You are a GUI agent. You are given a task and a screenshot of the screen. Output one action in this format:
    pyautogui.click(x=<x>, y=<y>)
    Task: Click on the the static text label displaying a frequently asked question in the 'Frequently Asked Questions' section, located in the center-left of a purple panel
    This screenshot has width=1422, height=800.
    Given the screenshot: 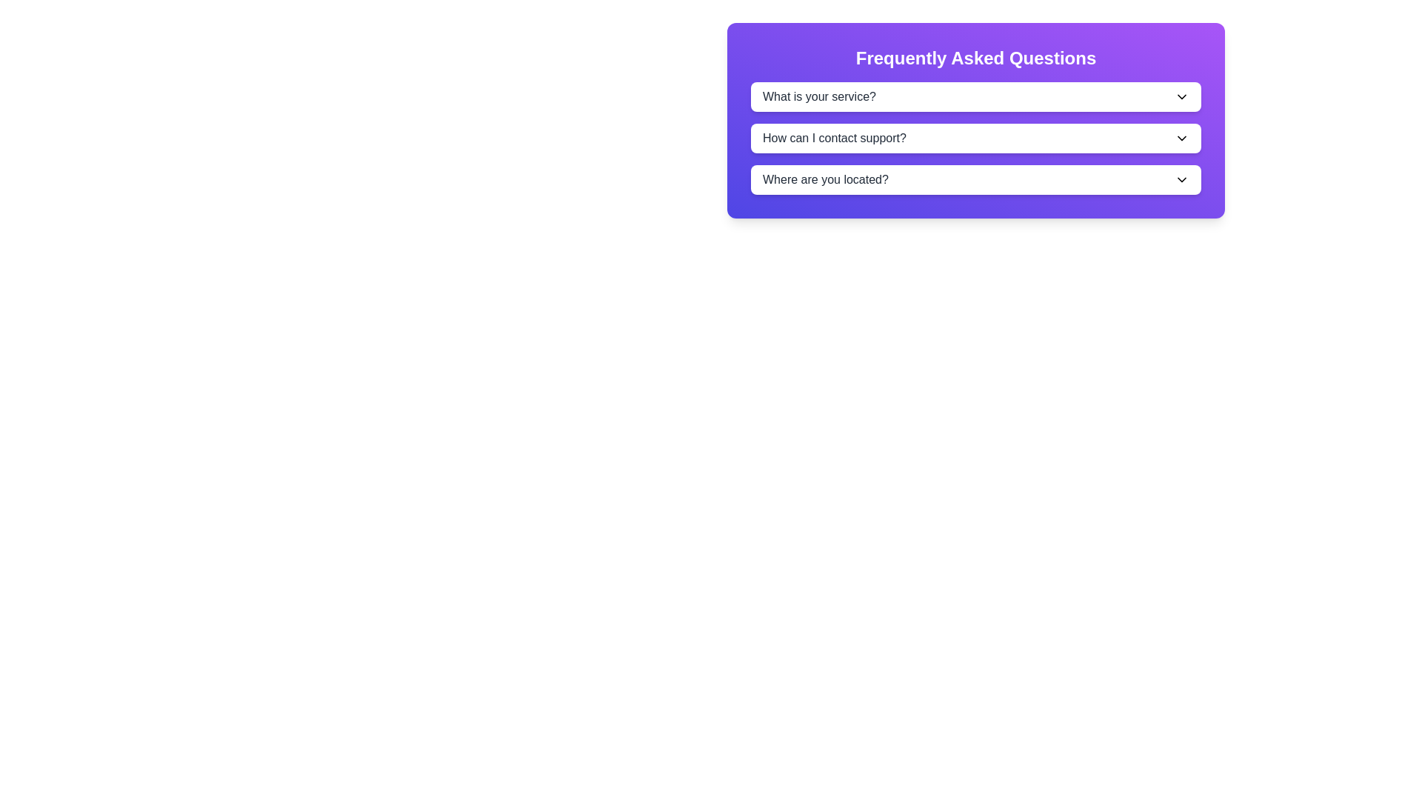 What is the action you would take?
    pyautogui.click(x=835, y=138)
    